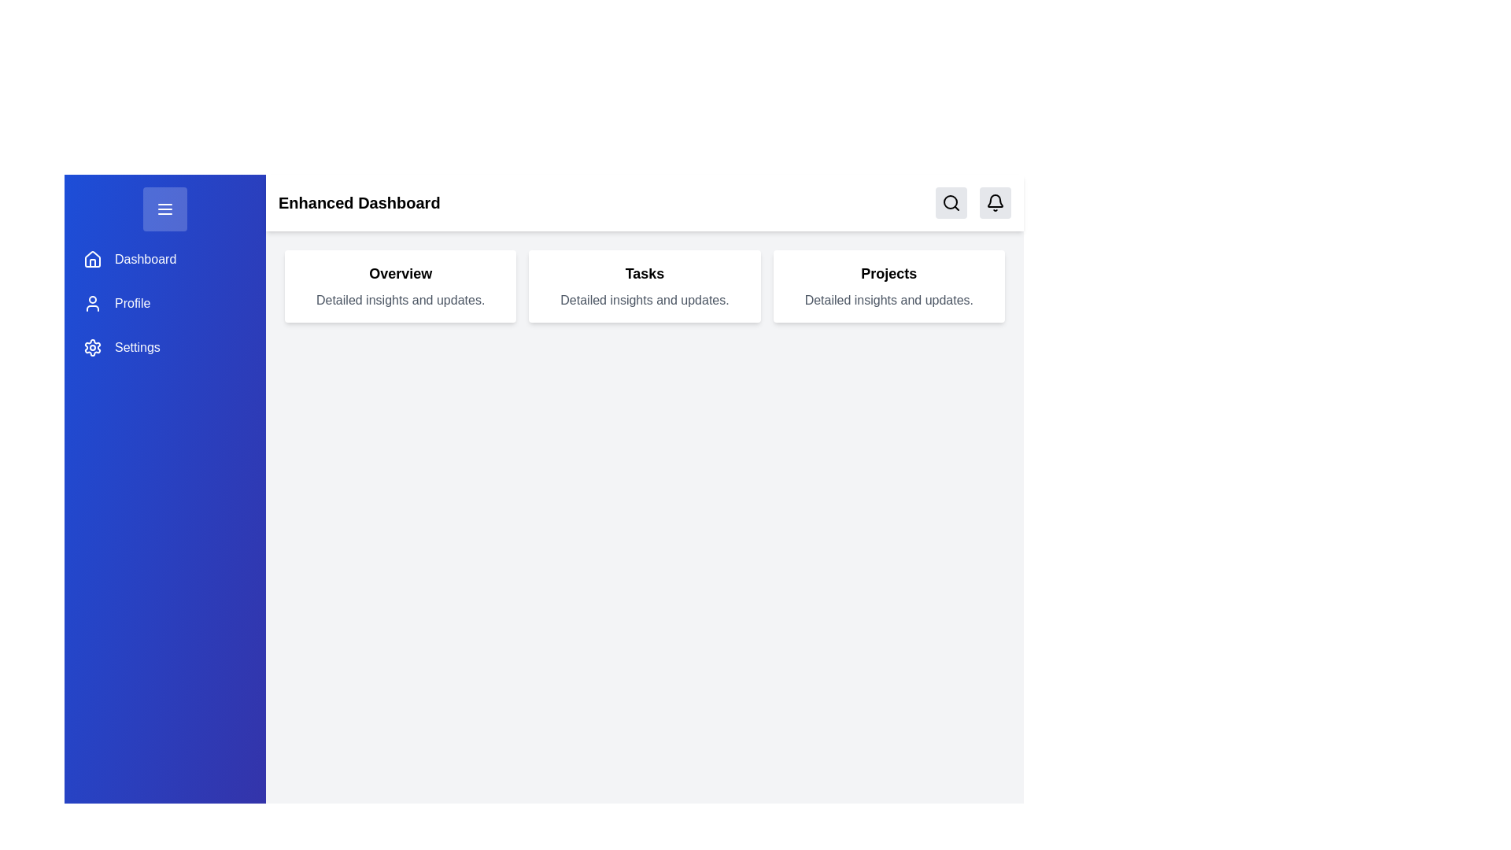 The width and height of the screenshot is (1511, 850). I want to click on the first navigational link in the sidebar menu that leads to the dashboard section, positioned above 'Profile' and 'Settings', so click(165, 259).